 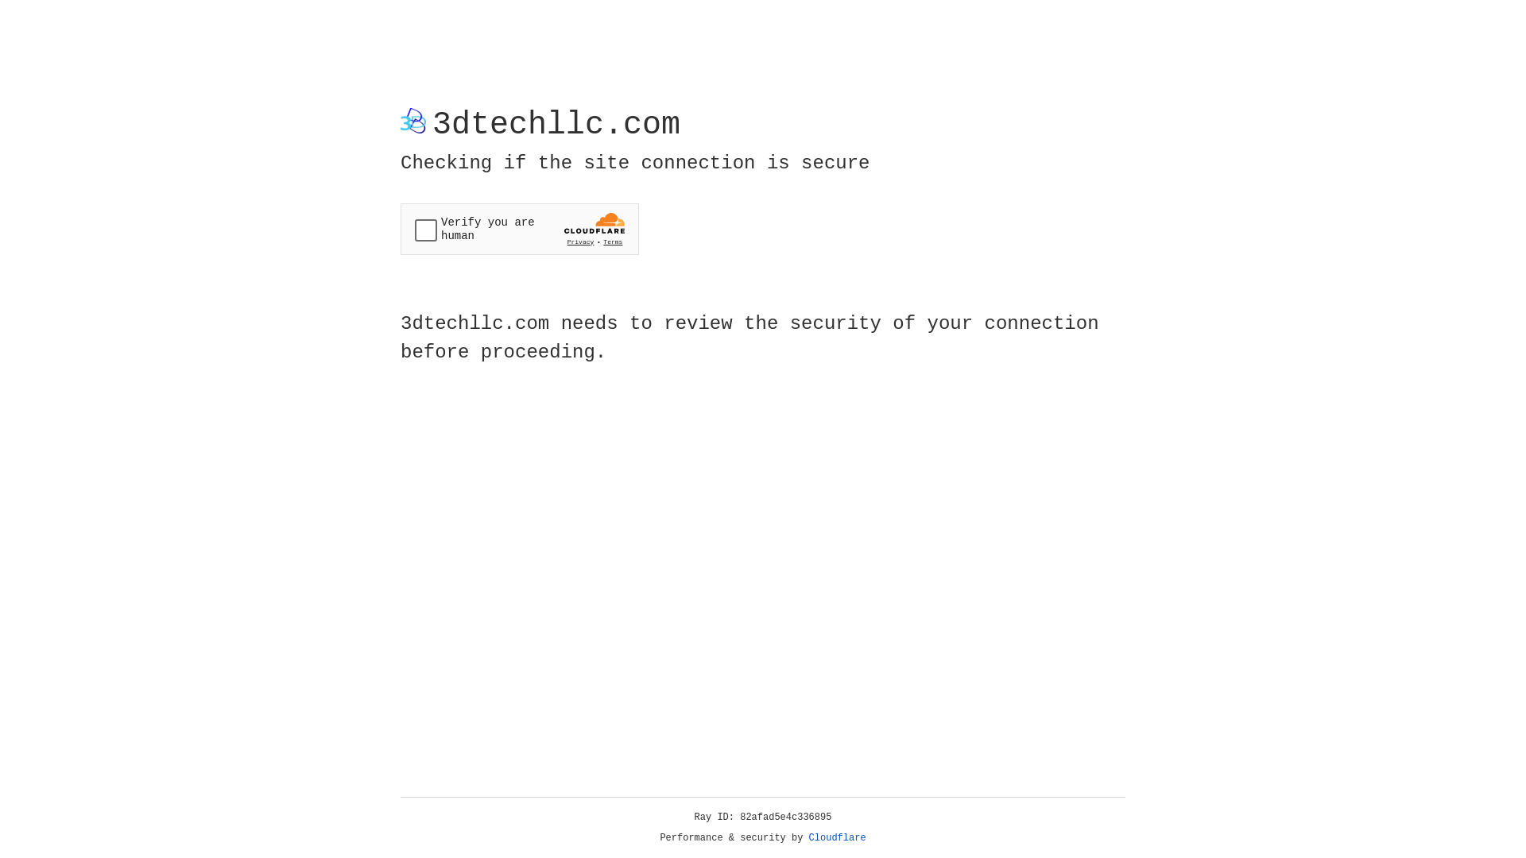 I want to click on 'Cloudflare', so click(x=837, y=837).